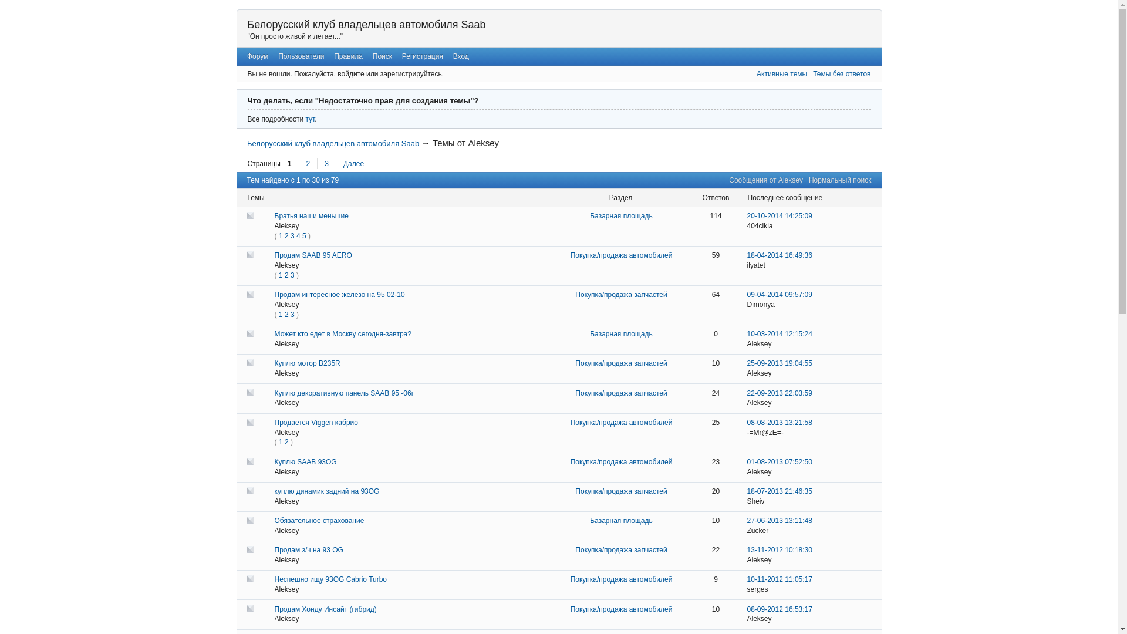 The image size is (1127, 634). I want to click on '18-07-2013 21:46:35', so click(779, 491).